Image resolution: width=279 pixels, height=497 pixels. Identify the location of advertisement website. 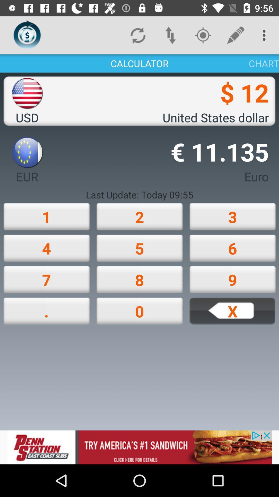
(139, 447).